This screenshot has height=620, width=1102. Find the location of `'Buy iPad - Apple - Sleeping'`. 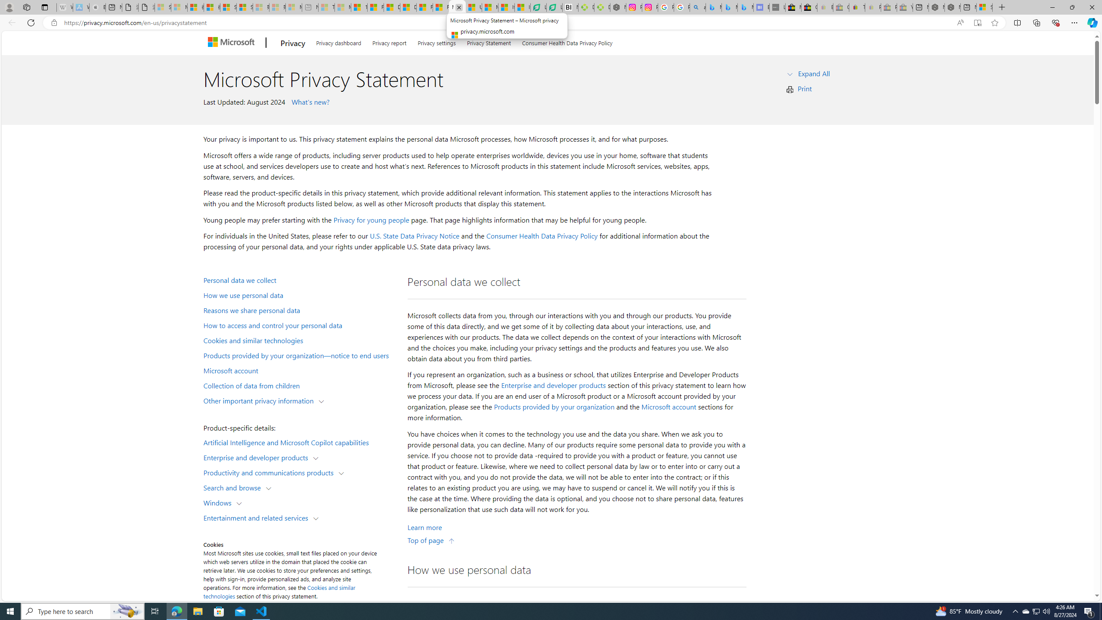

'Buy iPad - Apple - Sleeping' is located at coordinates (97, 7).